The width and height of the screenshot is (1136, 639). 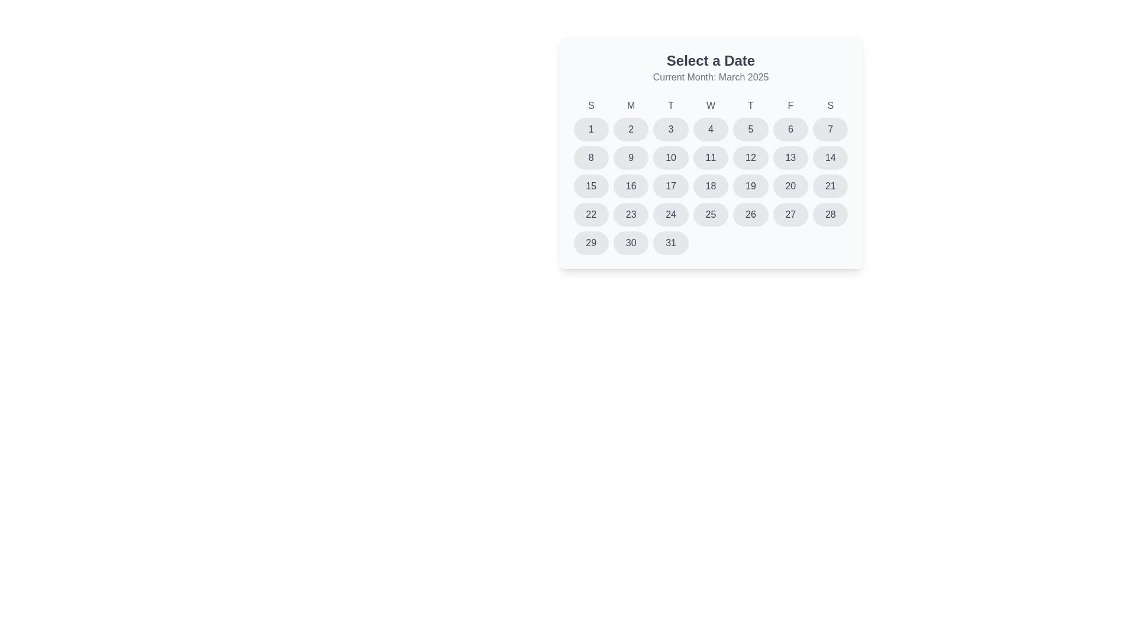 I want to click on the selectable day button in the fourth row and fourth column of the calendar grid, so click(x=671, y=214).